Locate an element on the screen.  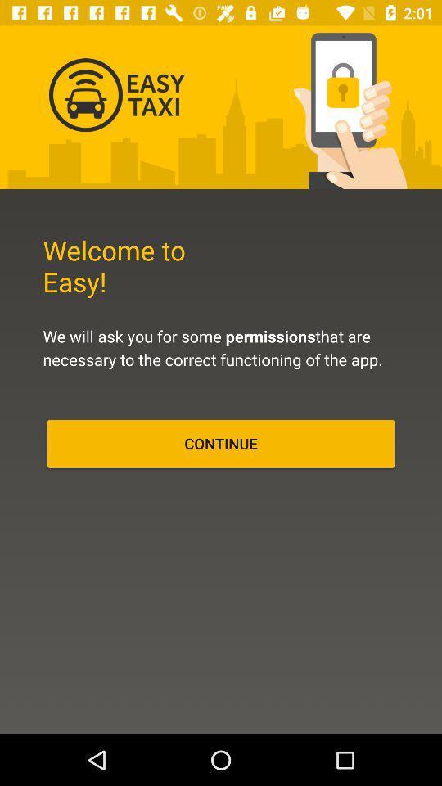
the item below the we will ask item is located at coordinates (221, 443).